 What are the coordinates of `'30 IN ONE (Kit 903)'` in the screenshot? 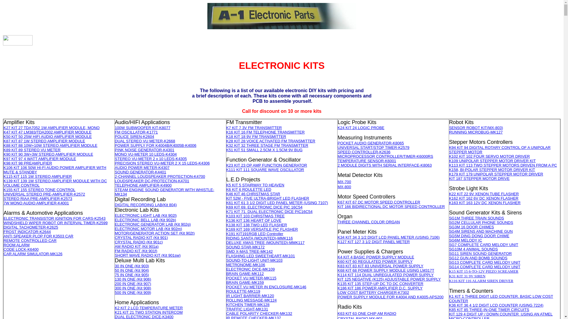 It's located at (132, 266).